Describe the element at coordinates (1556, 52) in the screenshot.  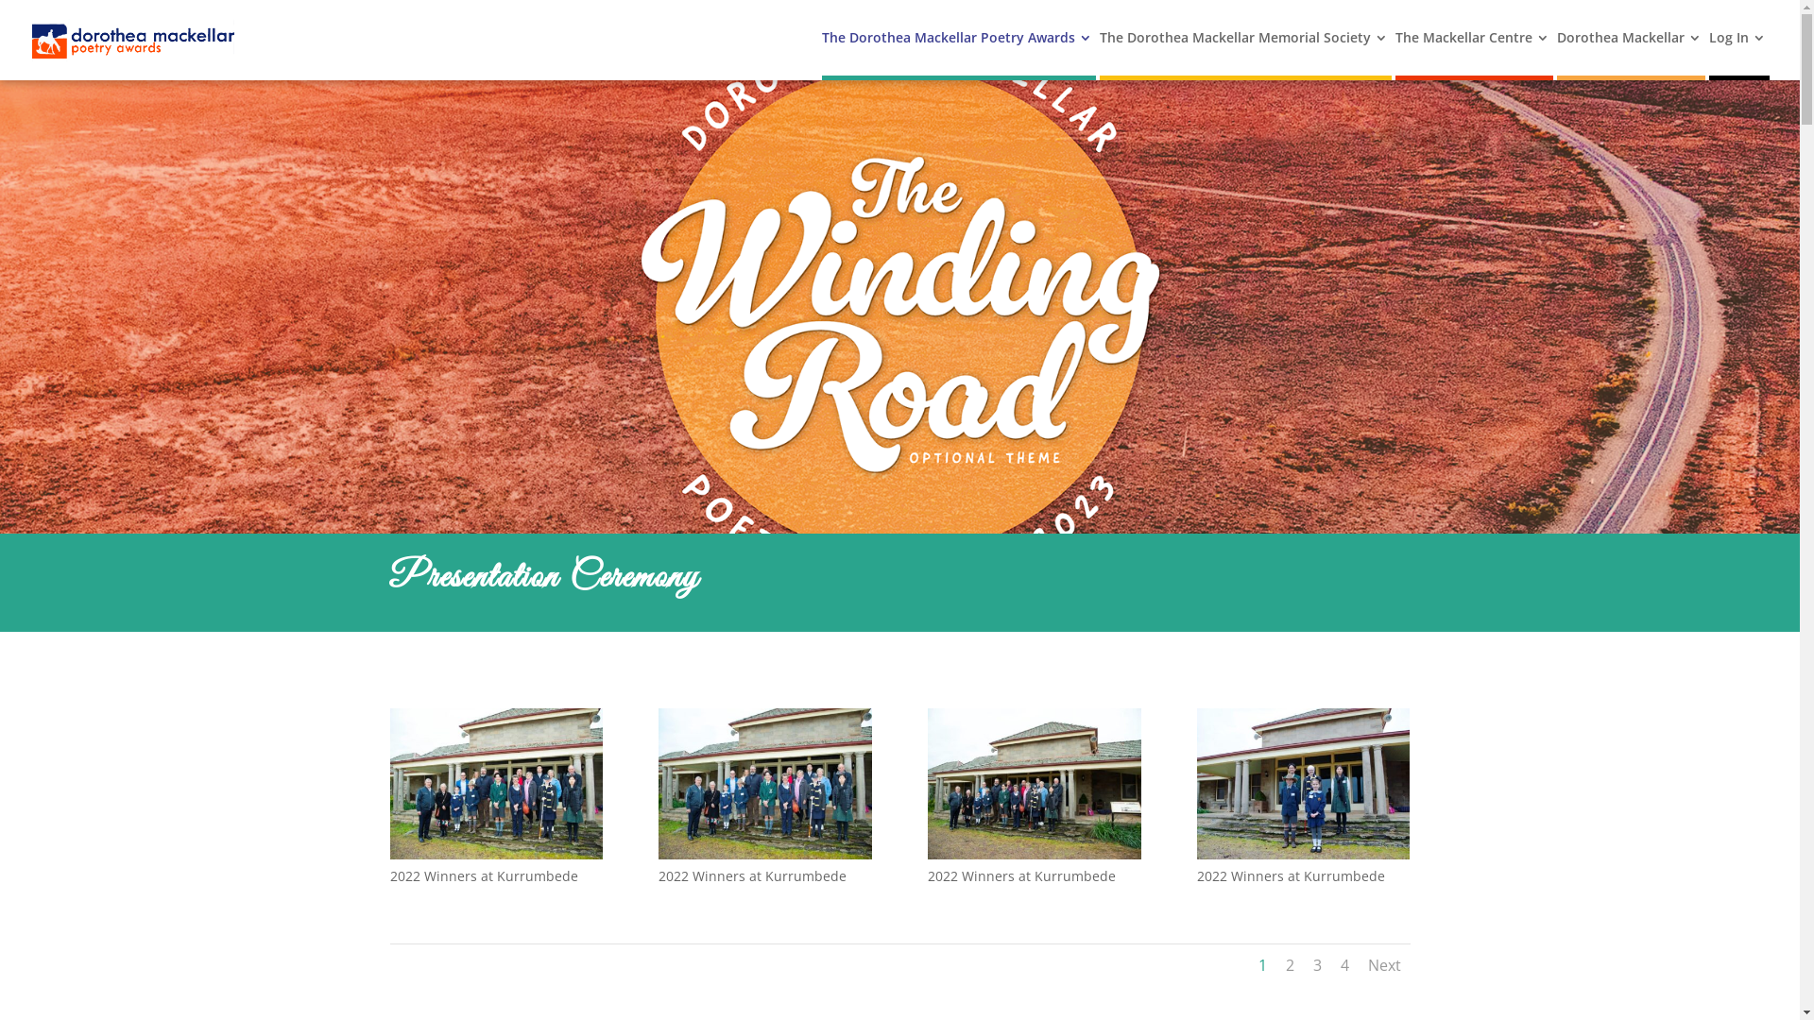
I see `'Dorothea Mackellar'` at that location.